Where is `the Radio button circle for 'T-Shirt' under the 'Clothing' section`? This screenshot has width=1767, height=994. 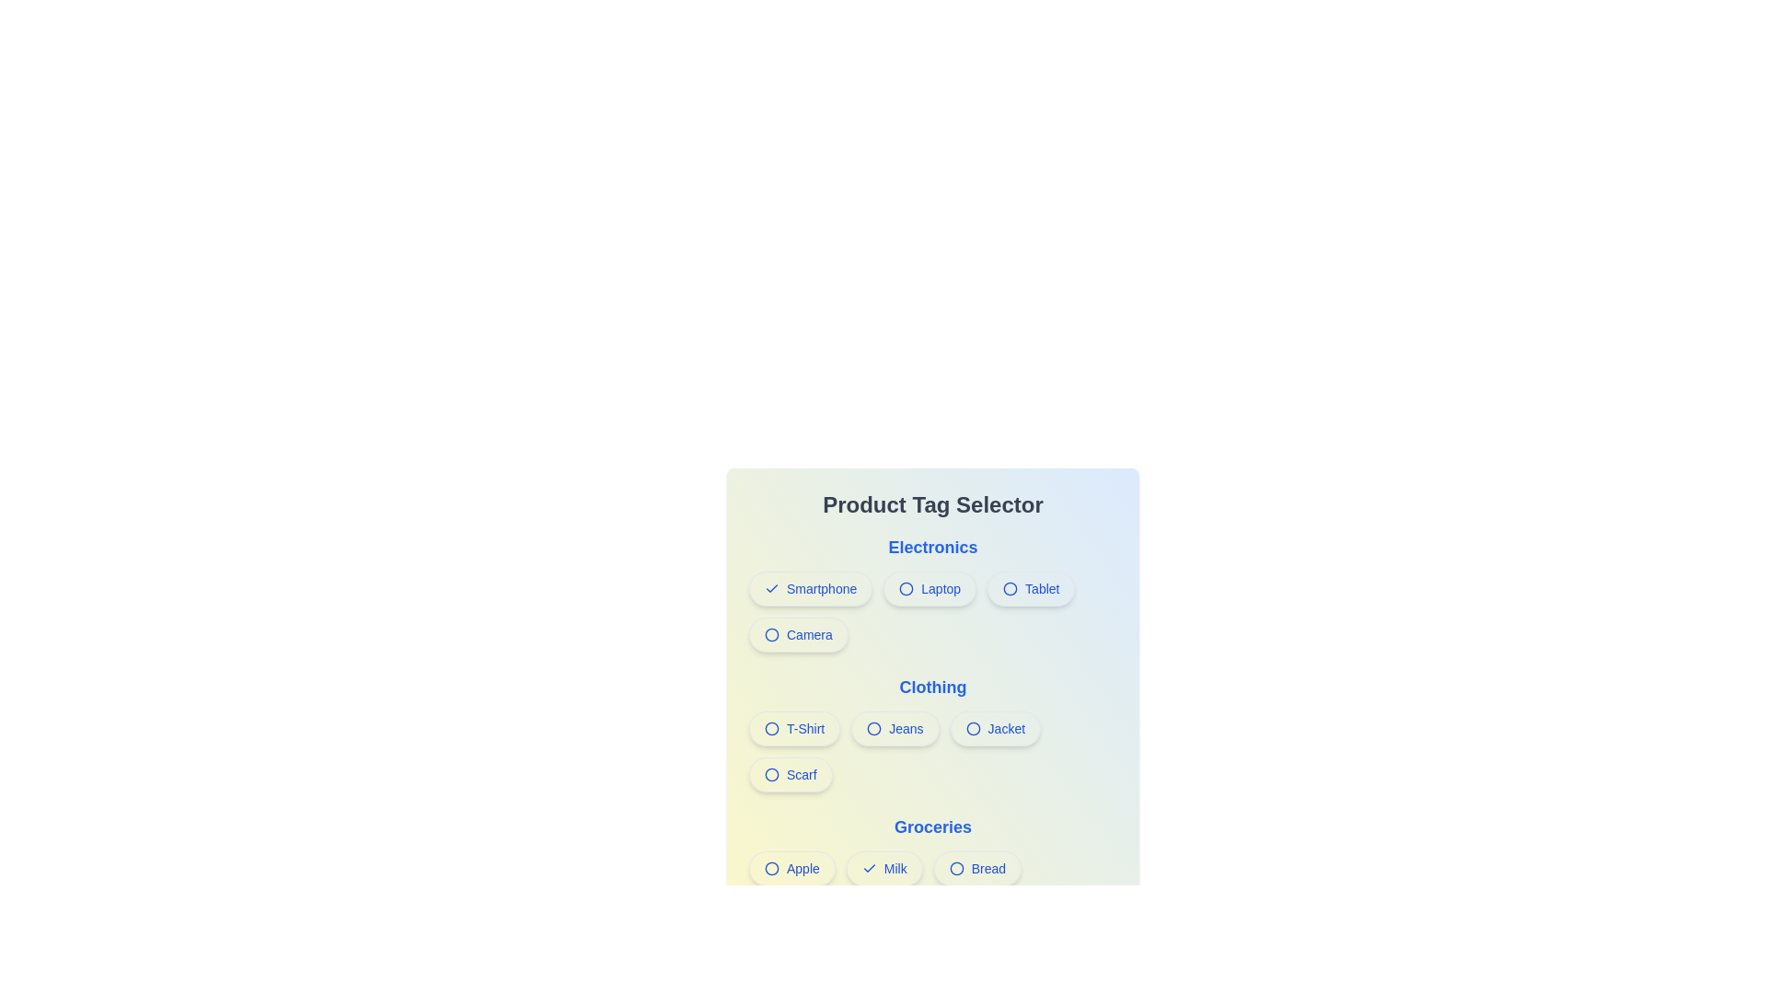
the Radio button circle for 'T-Shirt' under the 'Clothing' section is located at coordinates (772, 727).